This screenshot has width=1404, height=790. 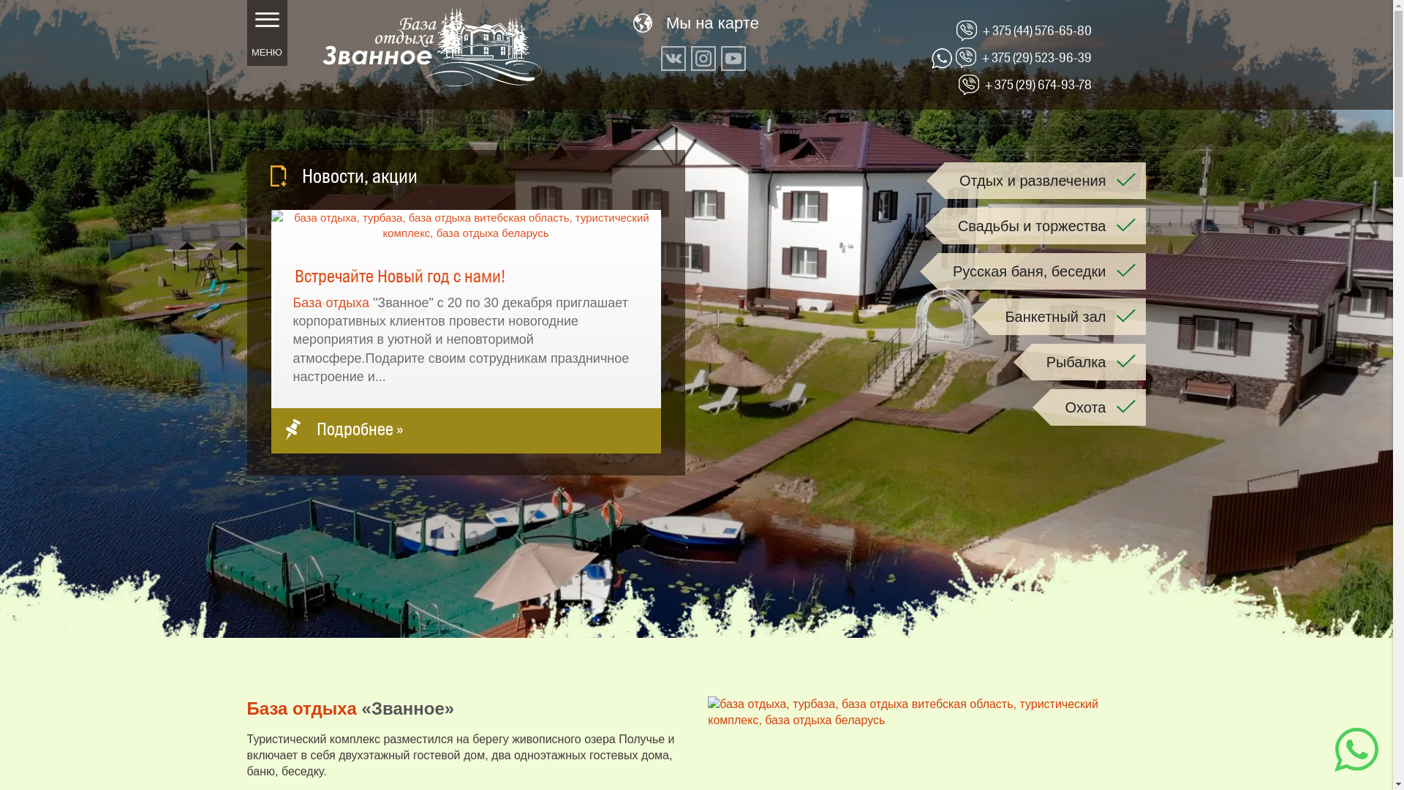 I want to click on '+ 375 (29) 674-93-78', so click(x=1038, y=84).